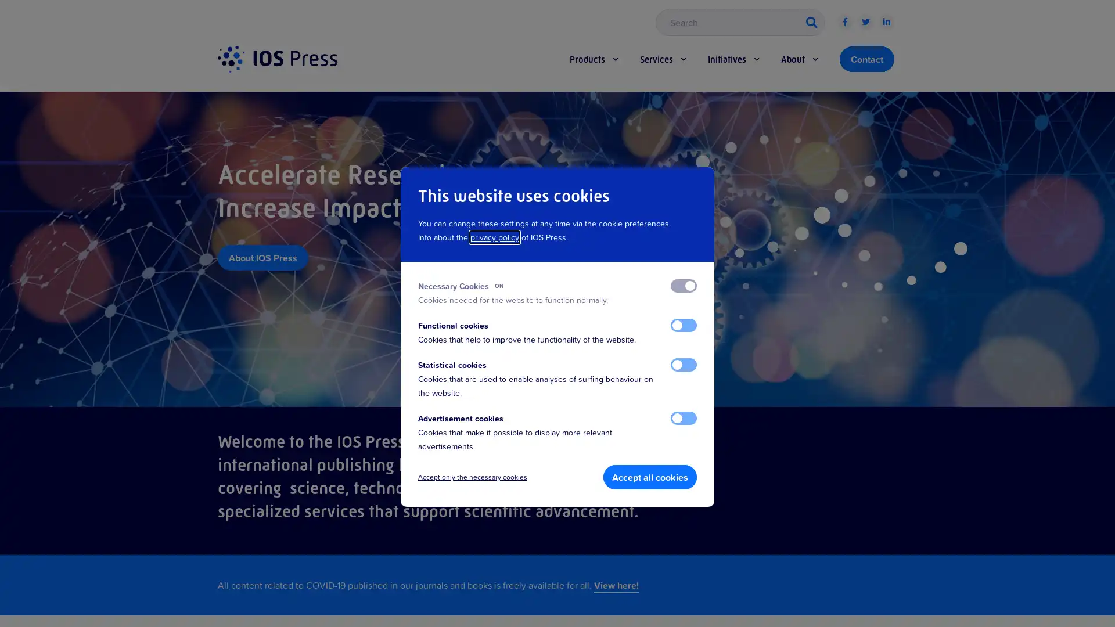  Describe the element at coordinates (811, 22) in the screenshot. I see `button` at that location.